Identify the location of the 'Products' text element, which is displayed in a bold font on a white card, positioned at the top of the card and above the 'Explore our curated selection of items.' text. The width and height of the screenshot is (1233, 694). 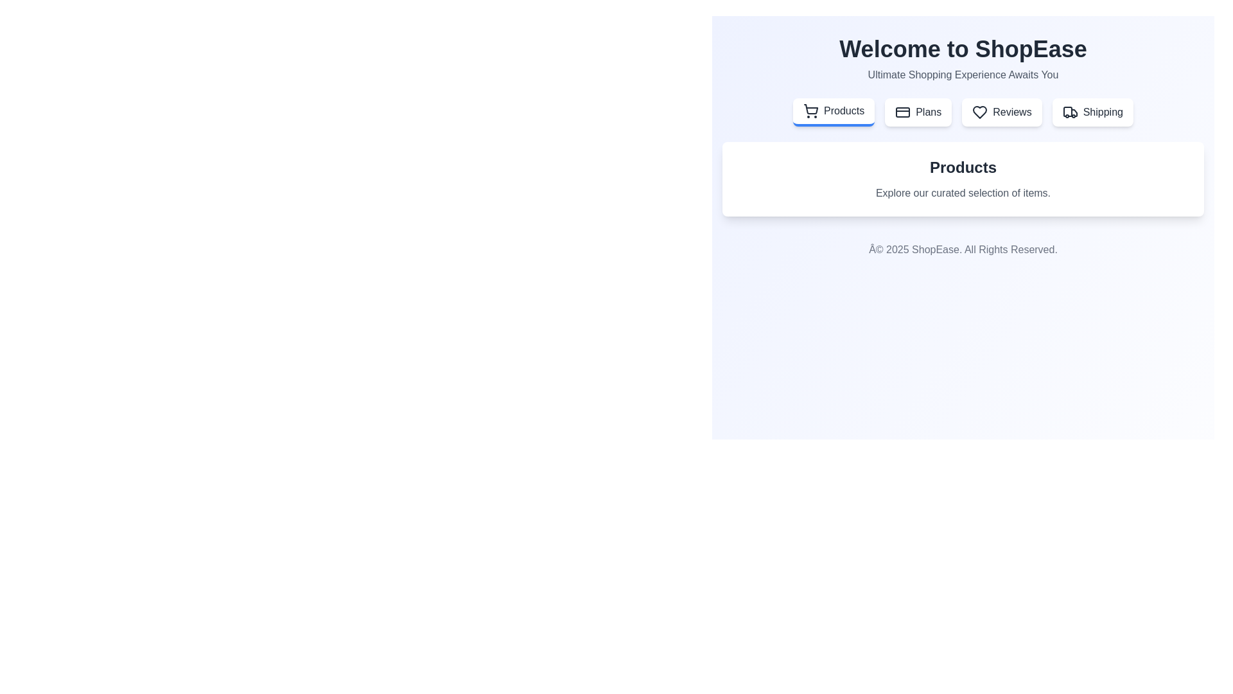
(963, 167).